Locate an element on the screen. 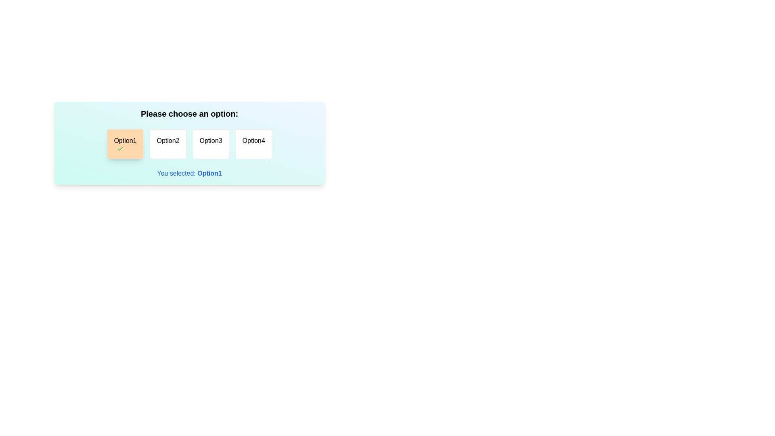 The image size is (775, 436). the 'Option3' label, which is the third option in a horizontal row of four options is located at coordinates (211, 140).